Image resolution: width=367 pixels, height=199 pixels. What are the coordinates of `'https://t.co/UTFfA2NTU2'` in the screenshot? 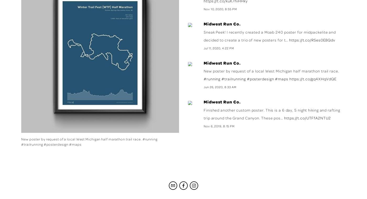 It's located at (307, 118).